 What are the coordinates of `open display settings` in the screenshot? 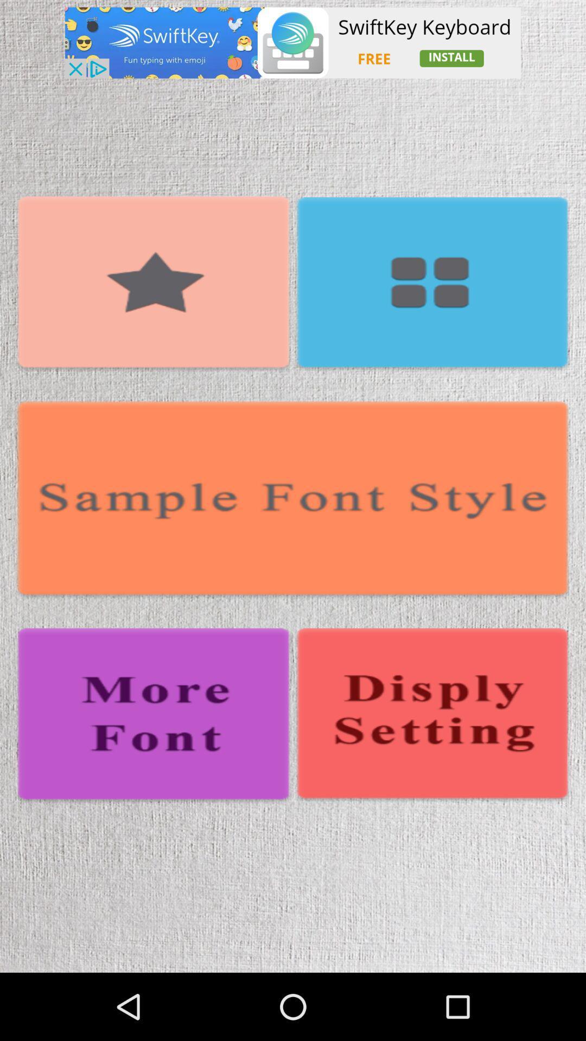 It's located at (431, 716).